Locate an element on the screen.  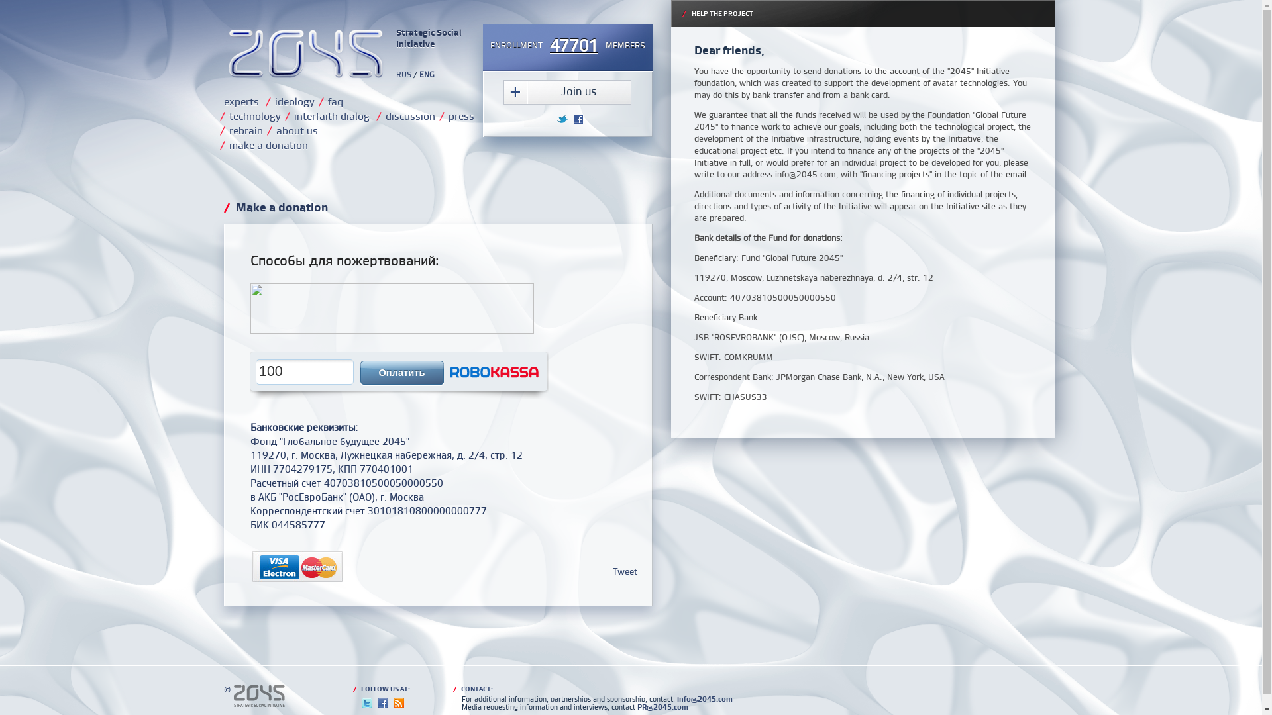
'about us' is located at coordinates (295, 130).